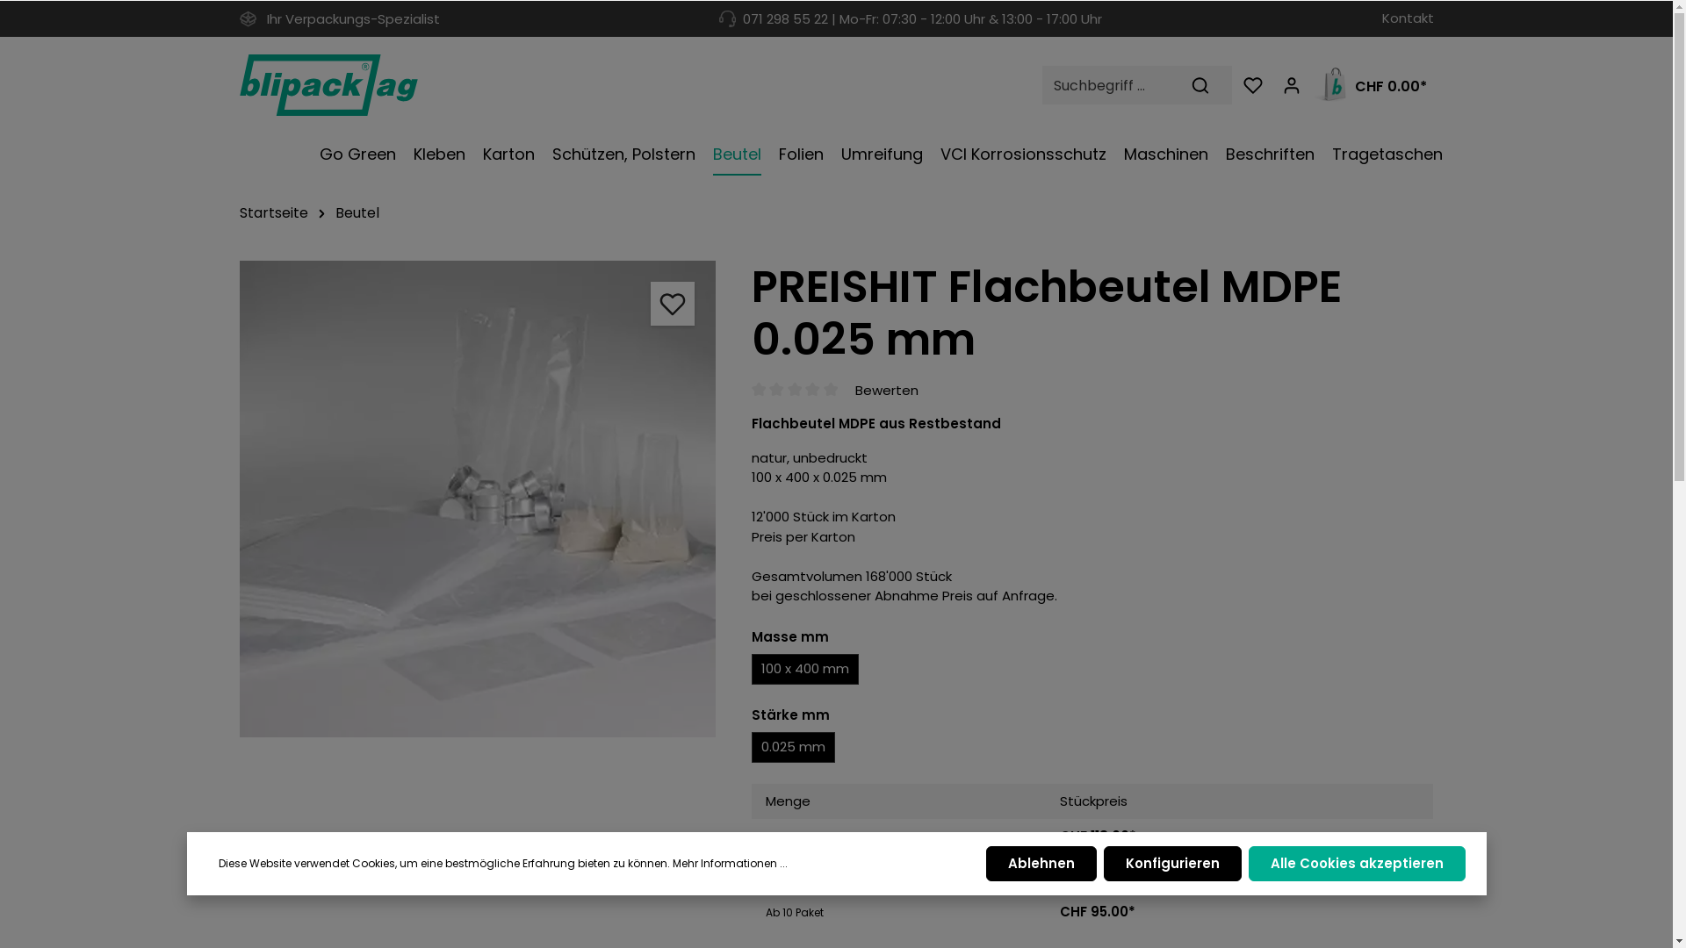 The image size is (1686, 948). What do you see at coordinates (1250, 84) in the screenshot?
I see `'Merkzettel'` at bounding box center [1250, 84].